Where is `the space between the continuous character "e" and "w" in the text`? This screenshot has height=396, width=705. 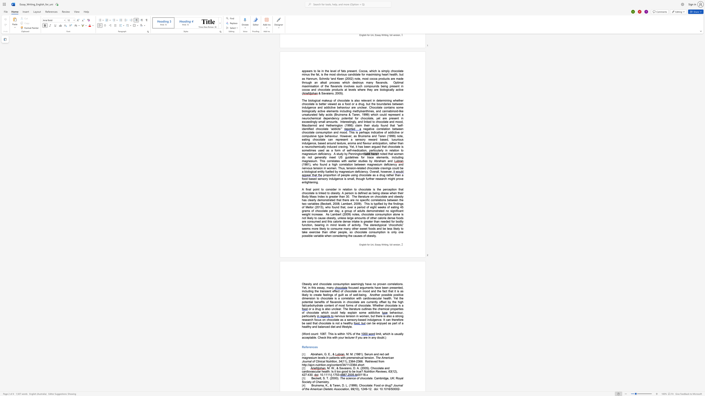
the space between the continuous character "e" and "w" in the text is located at coordinates (383, 371).